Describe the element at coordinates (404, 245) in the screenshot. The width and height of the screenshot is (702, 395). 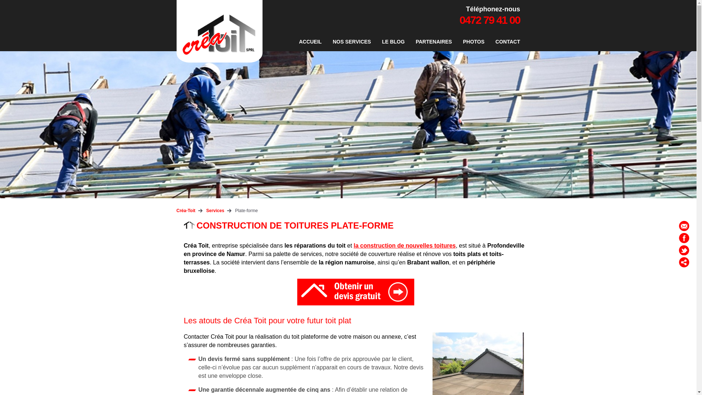
I see `'la construction de nouvelles toitures'` at that location.